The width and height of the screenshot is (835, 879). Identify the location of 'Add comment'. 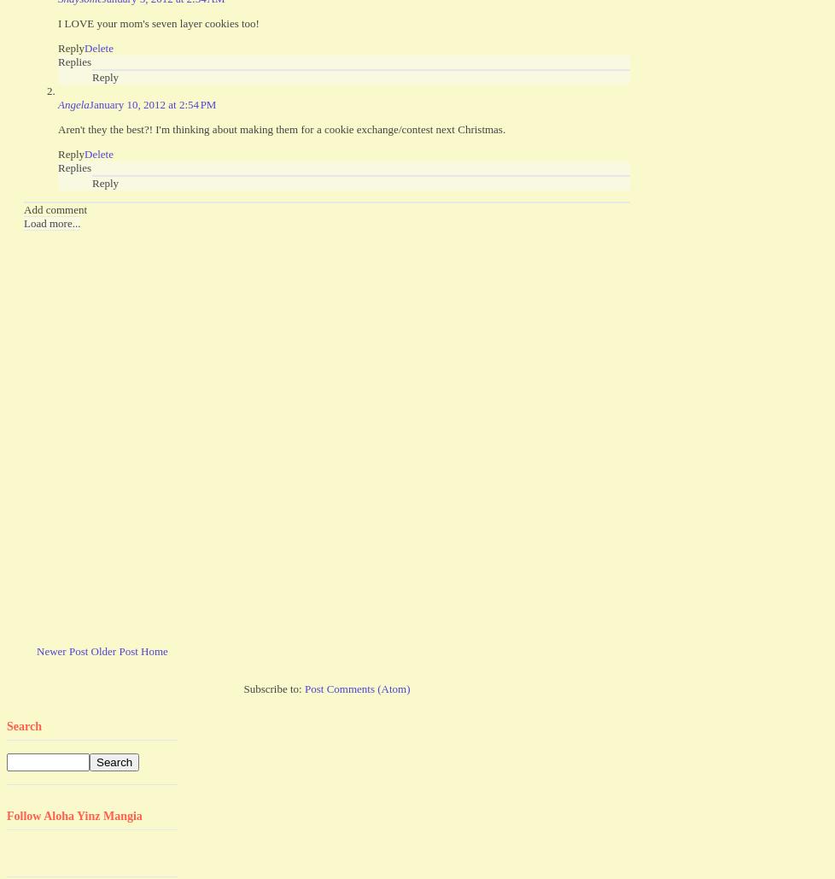
(55, 208).